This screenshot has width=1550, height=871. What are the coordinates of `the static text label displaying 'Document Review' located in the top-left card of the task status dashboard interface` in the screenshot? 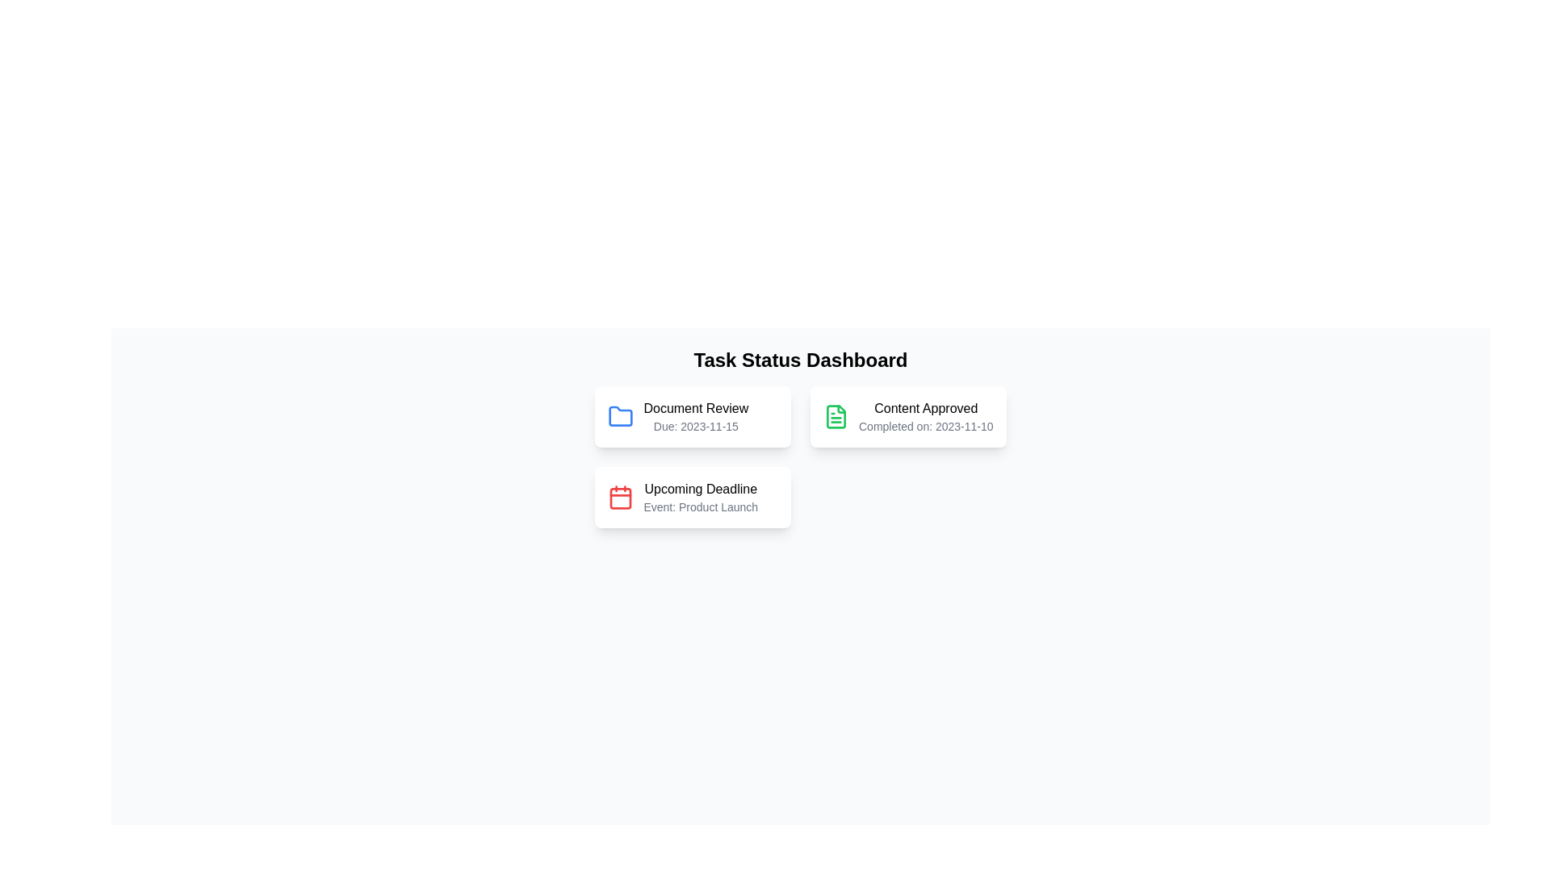 It's located at (696, 407).